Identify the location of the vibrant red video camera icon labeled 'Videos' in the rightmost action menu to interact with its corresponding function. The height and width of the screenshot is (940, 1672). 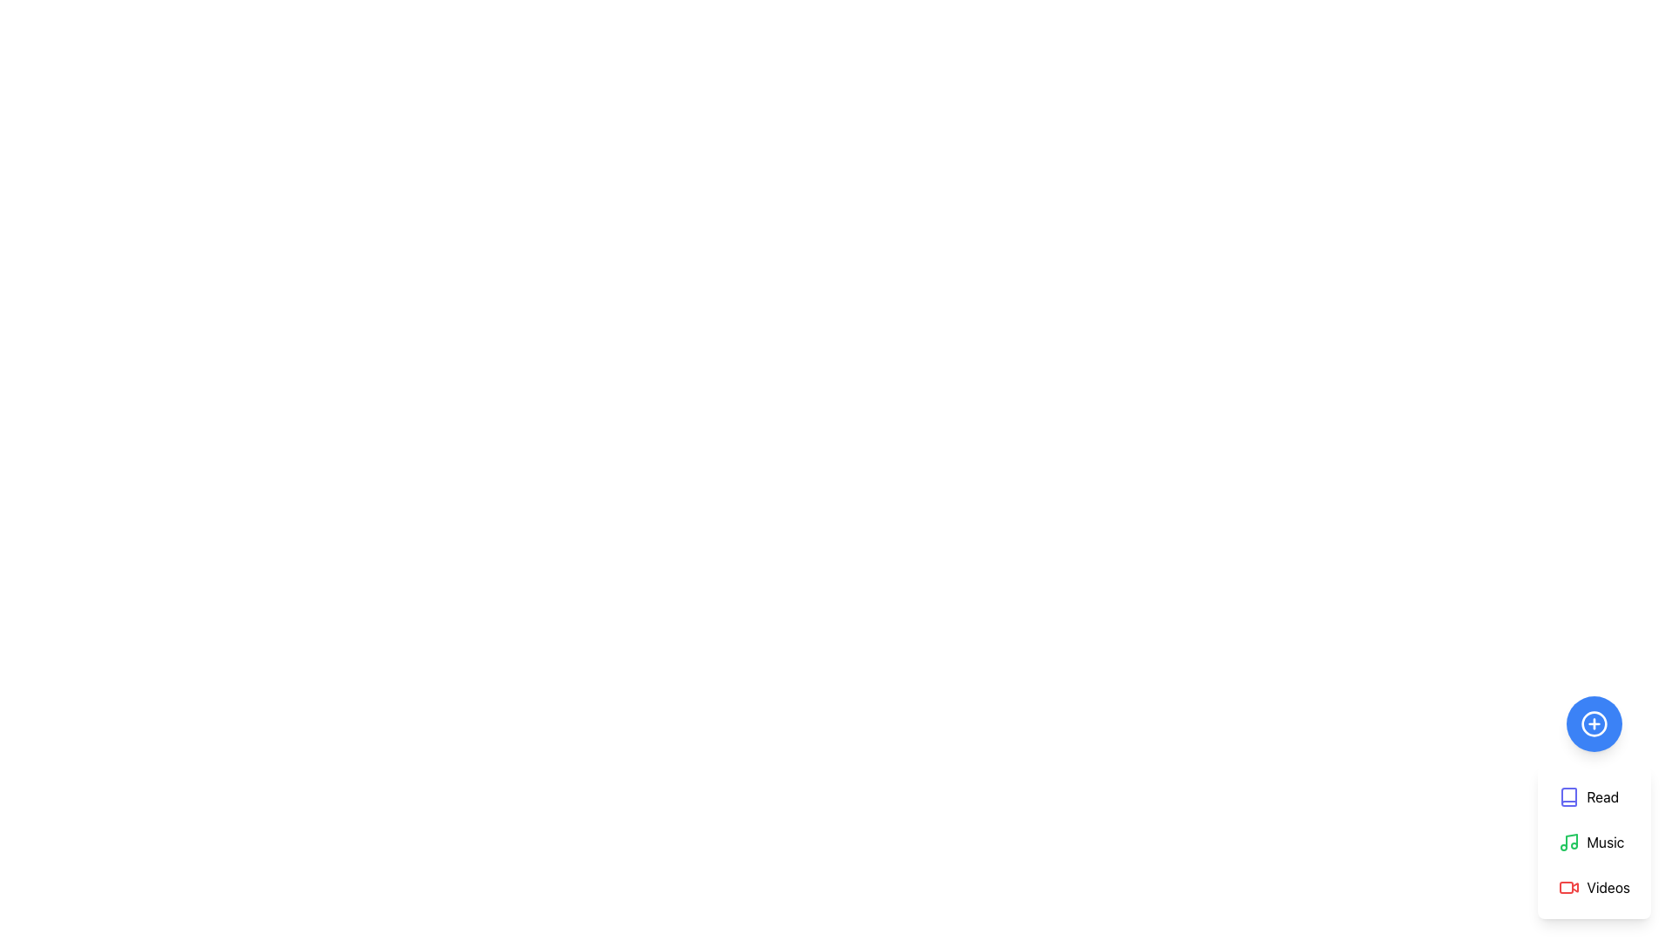
(1569, 887).